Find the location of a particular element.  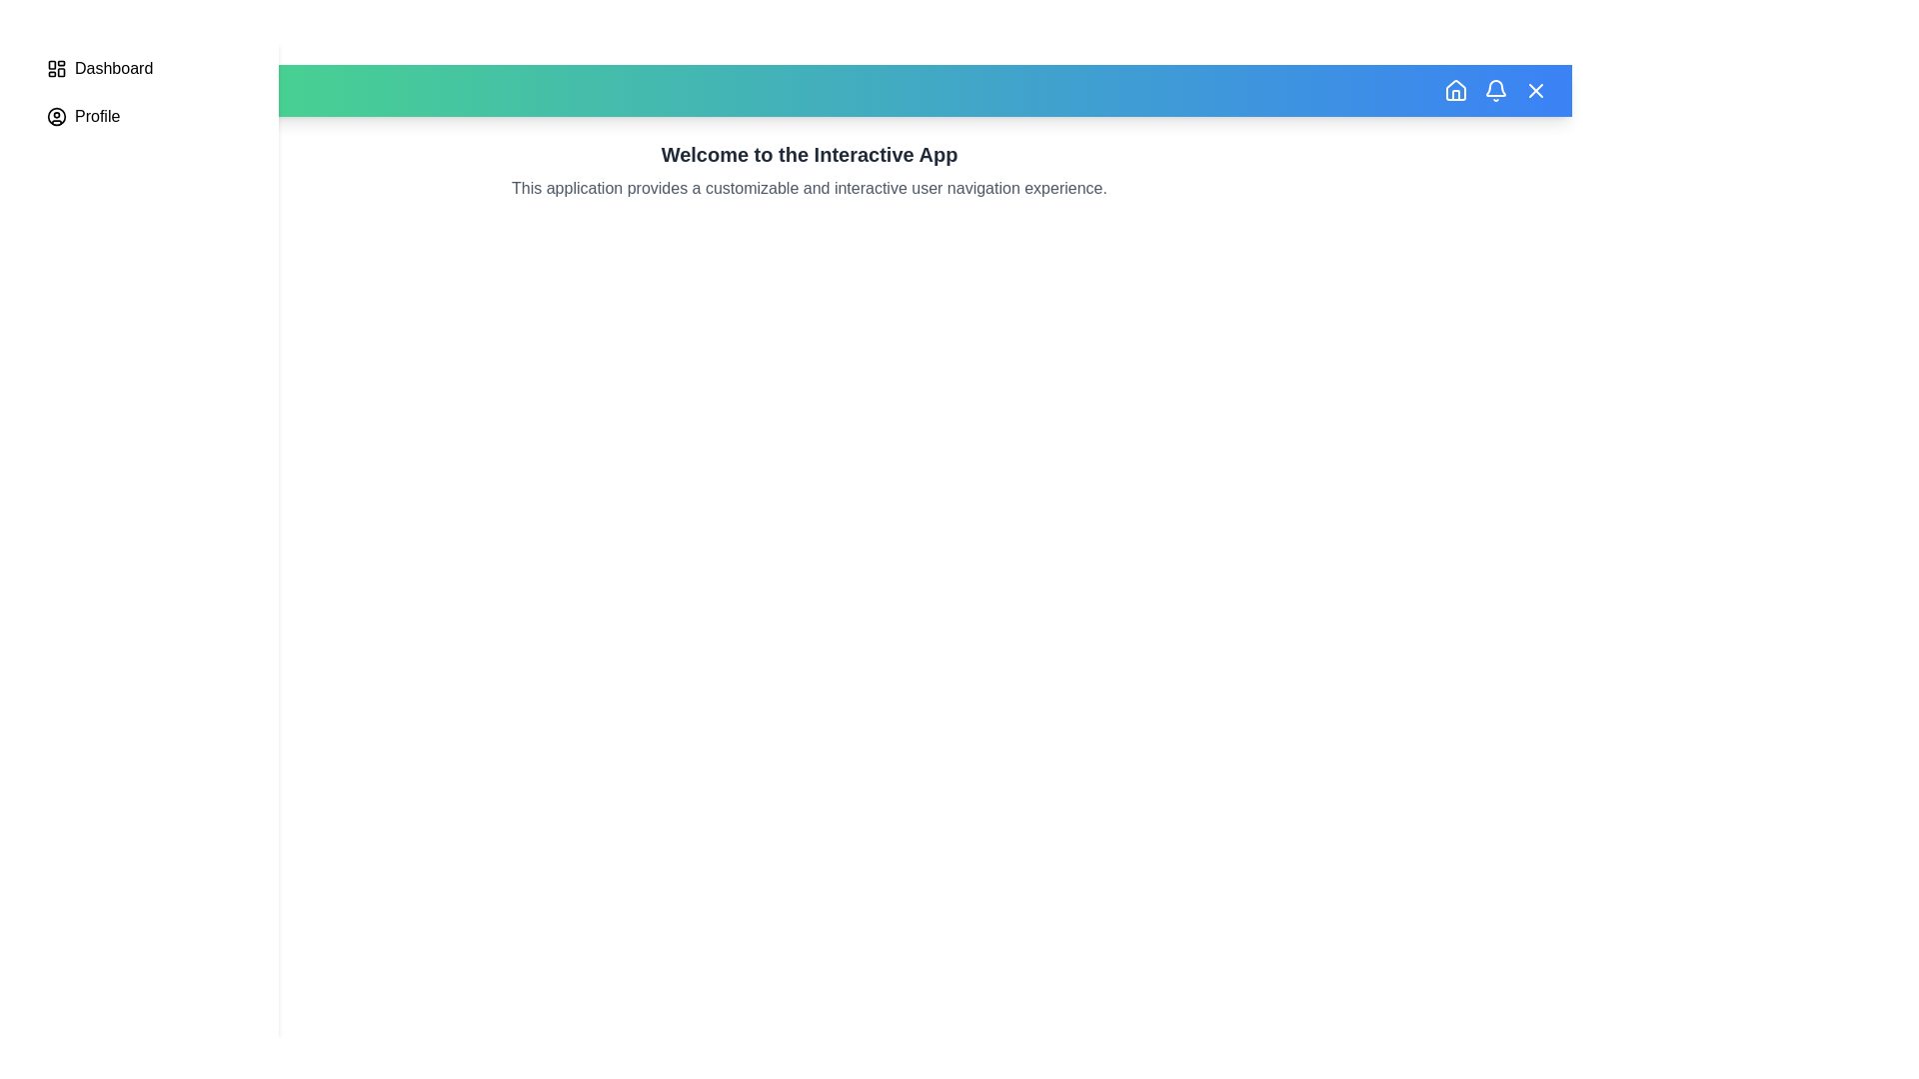

the active section is located at coordinates (113, 68).